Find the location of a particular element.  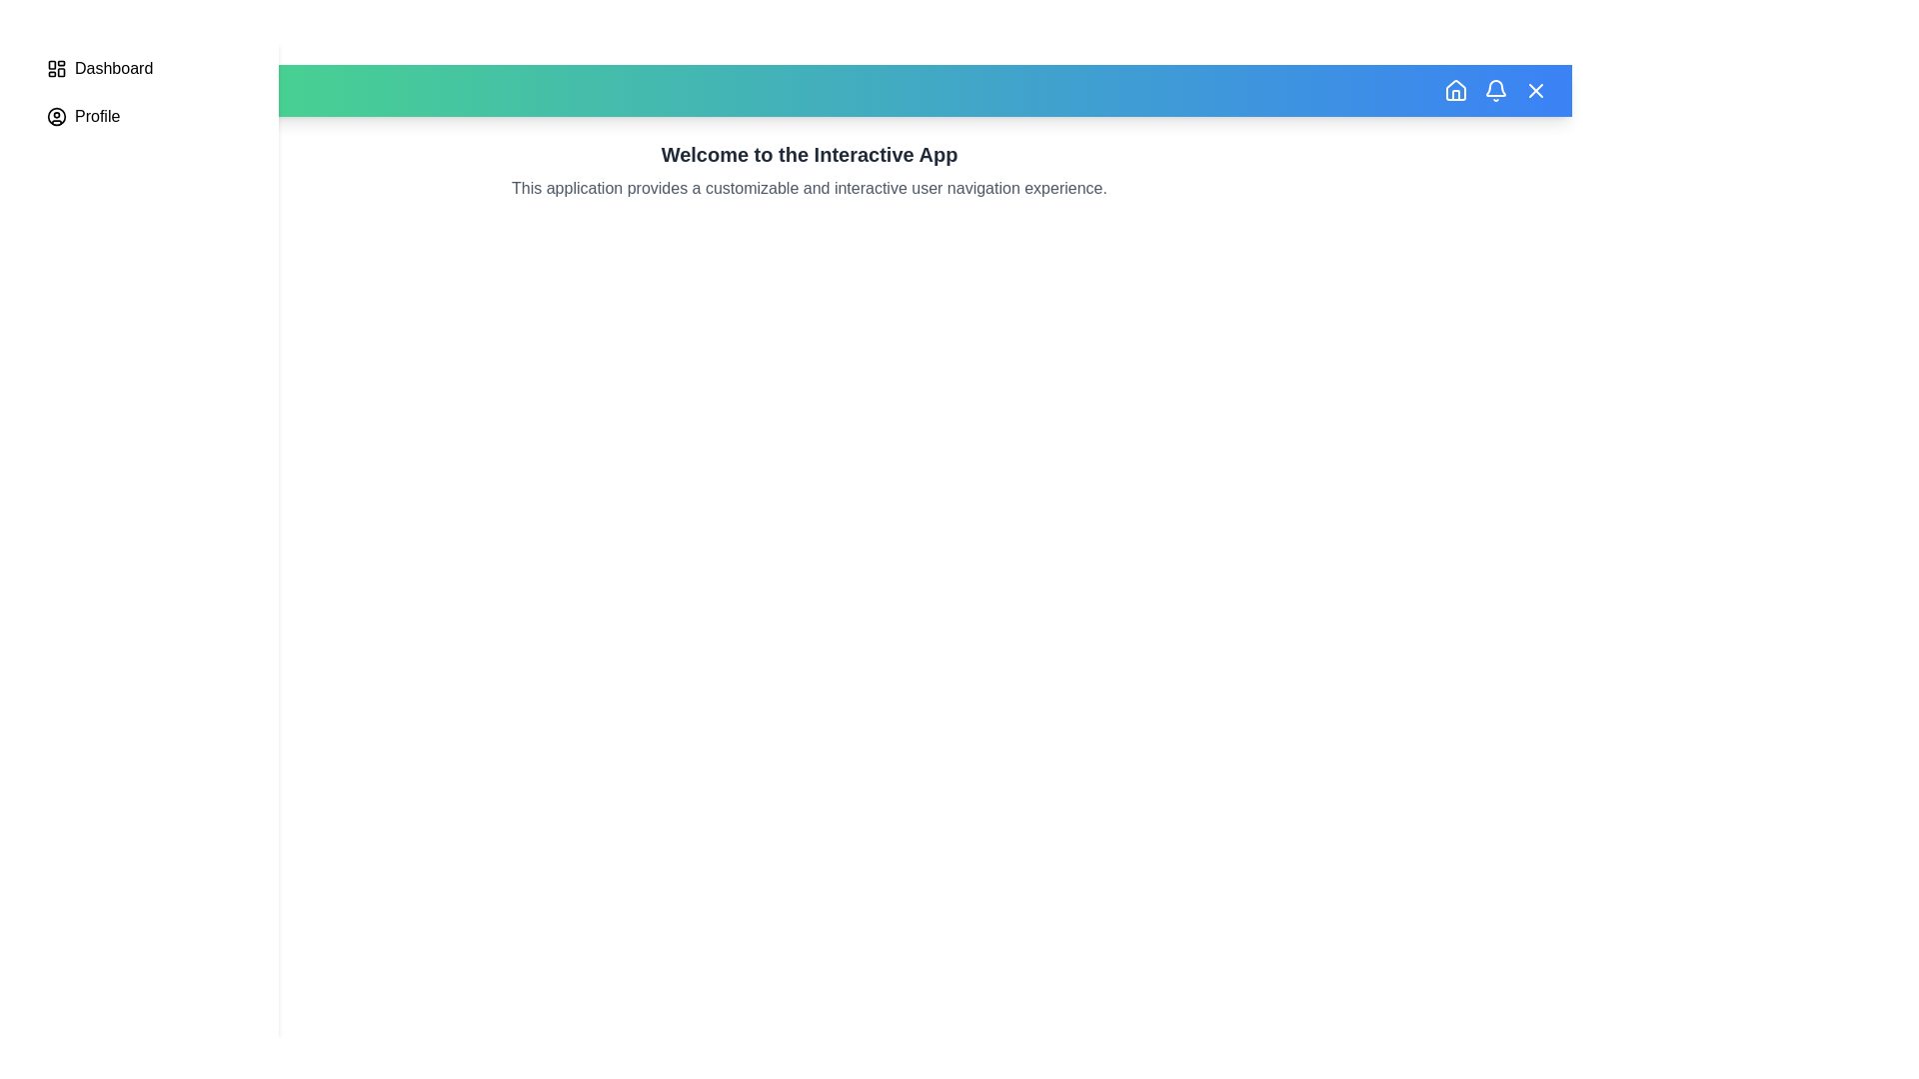

the active section is located at coordinates (113, 68).